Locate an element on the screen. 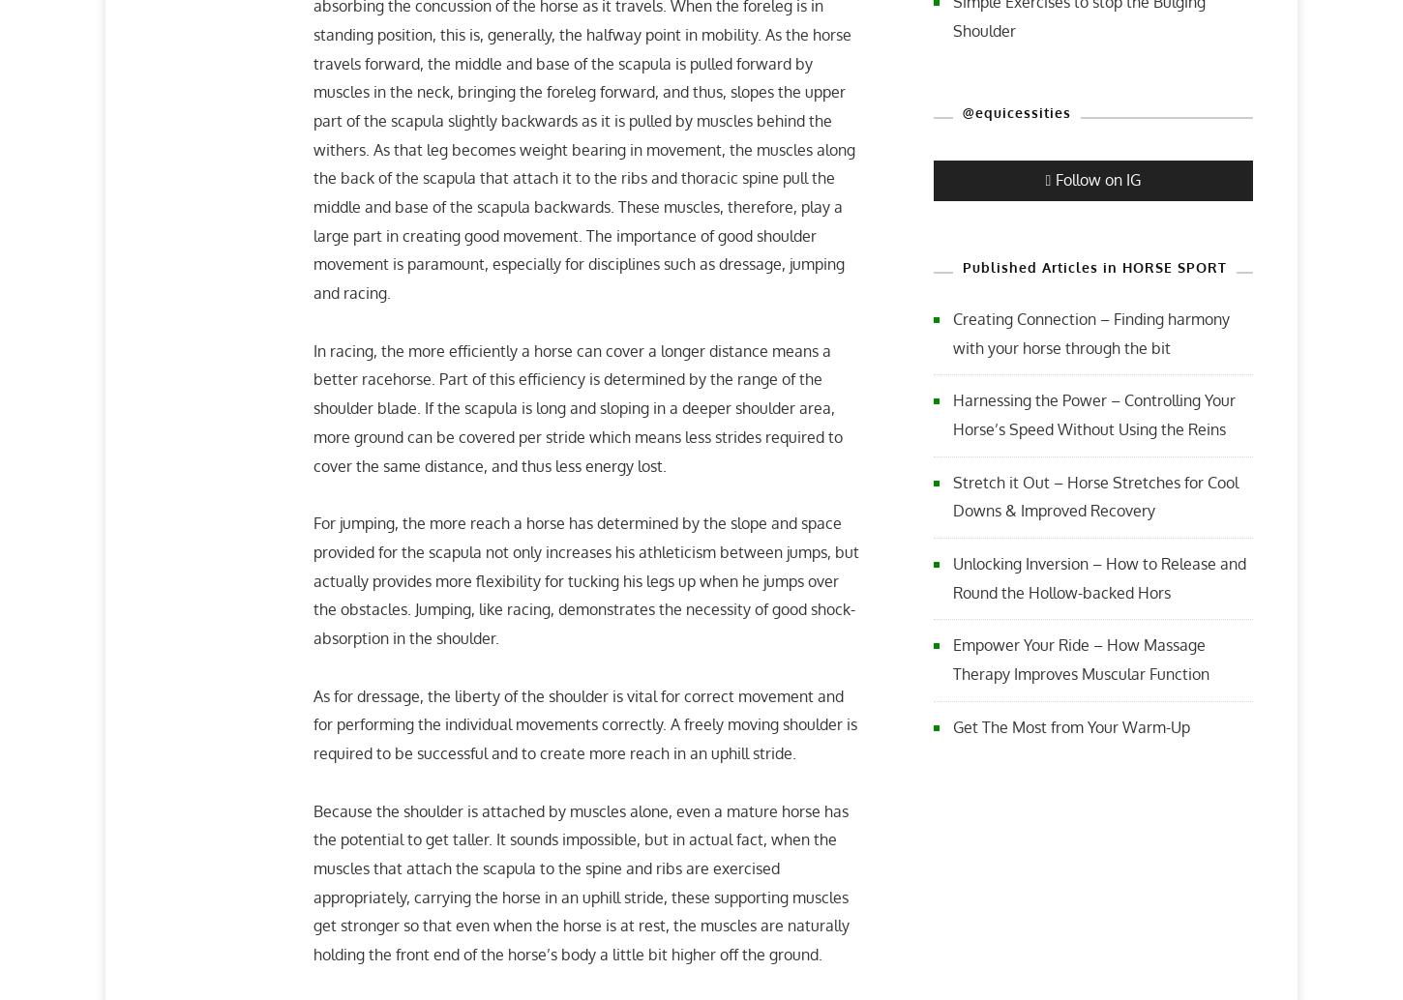 This screenshot has width=1403, height=1000. 'Published Articles in HORSE SPORT' is located at coordinates (962, 265).